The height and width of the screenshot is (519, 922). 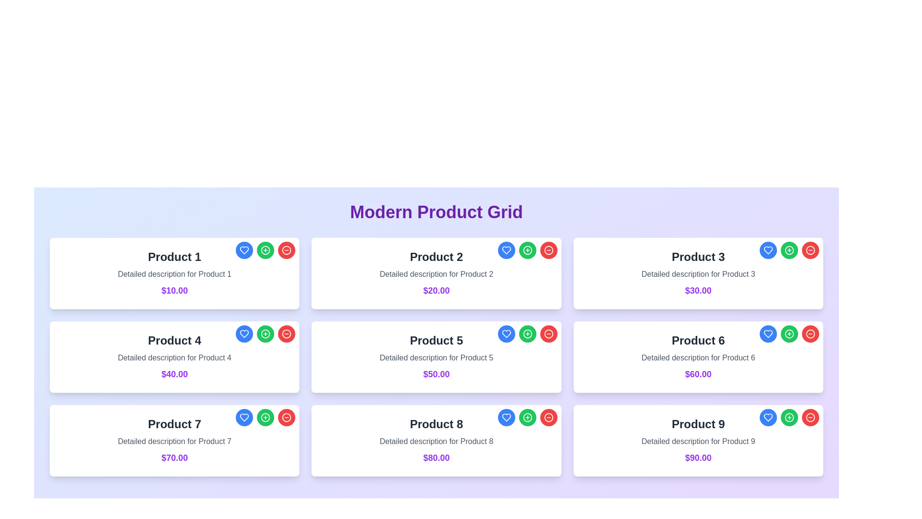 What do you see at coordinates (767, 417) in the screenshot?
I see `the favorite button for Product 9, which is the first button in the row of control buttons located at the top-right corner inside the product card` at bounding box center [767, 417].